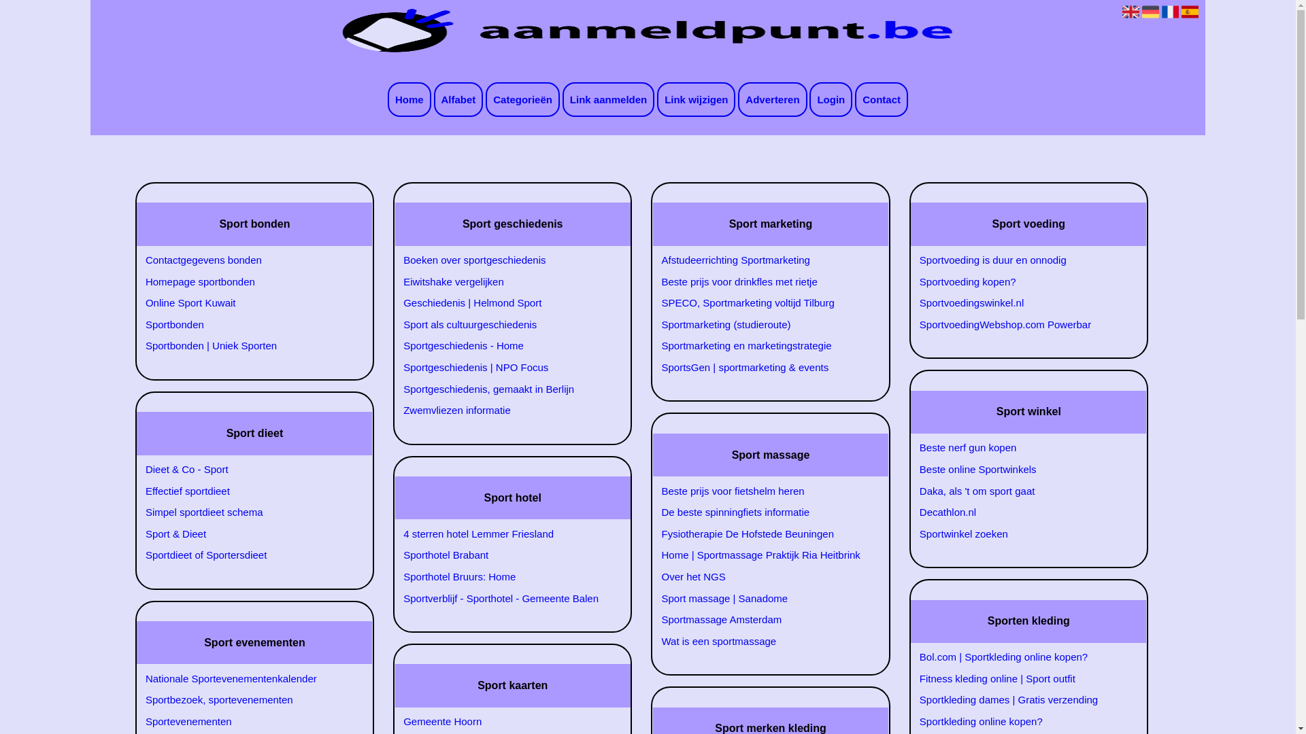  I want to click on 'SPECO, Sportmarketing voltijd Tilburg', so click(763, 302).